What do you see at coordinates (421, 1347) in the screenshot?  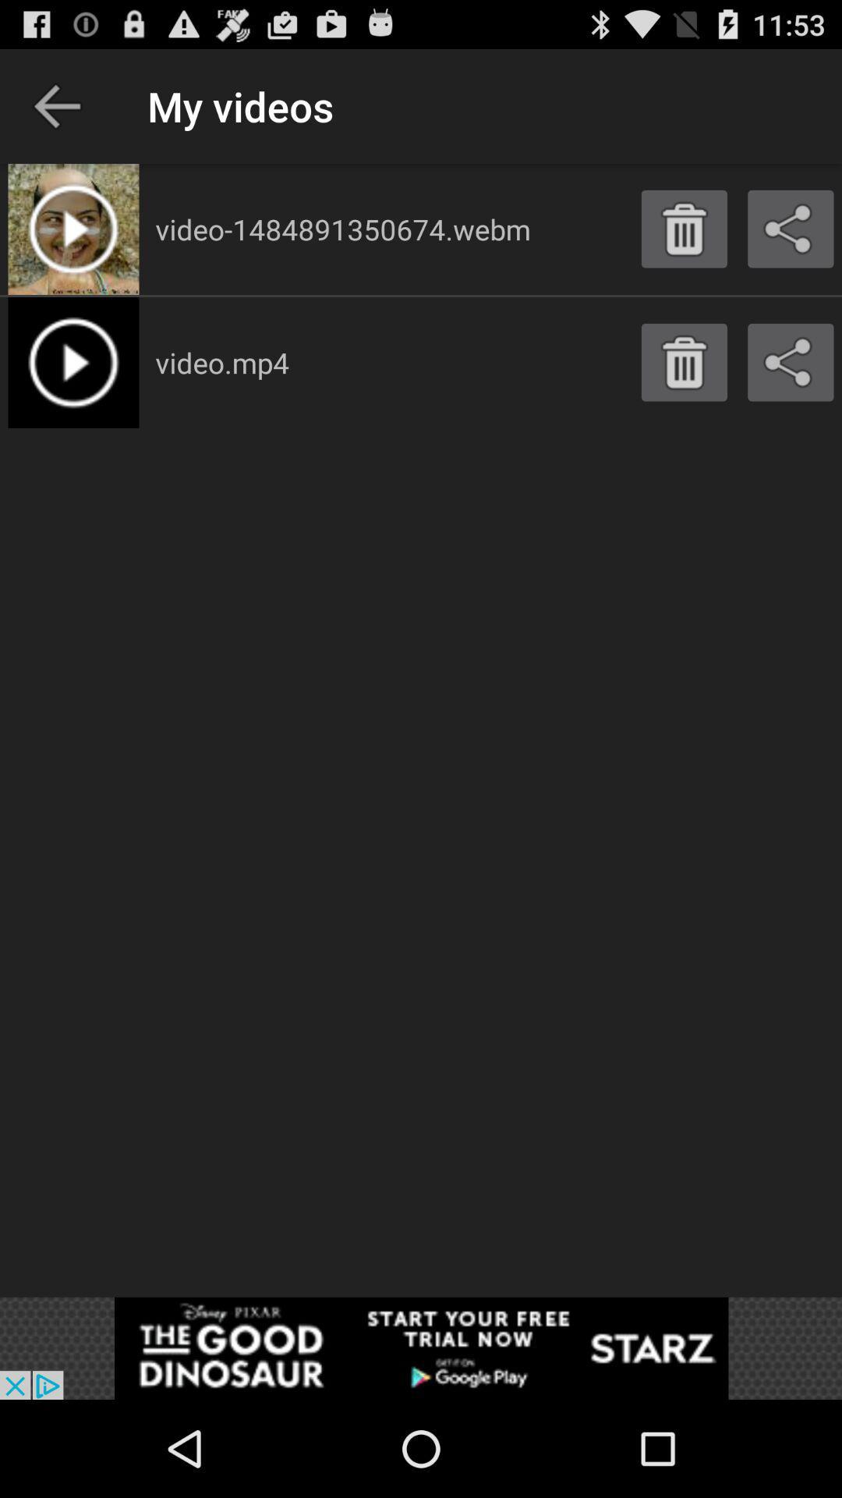 I see `advertisement` at bounding box center [421, 1347].